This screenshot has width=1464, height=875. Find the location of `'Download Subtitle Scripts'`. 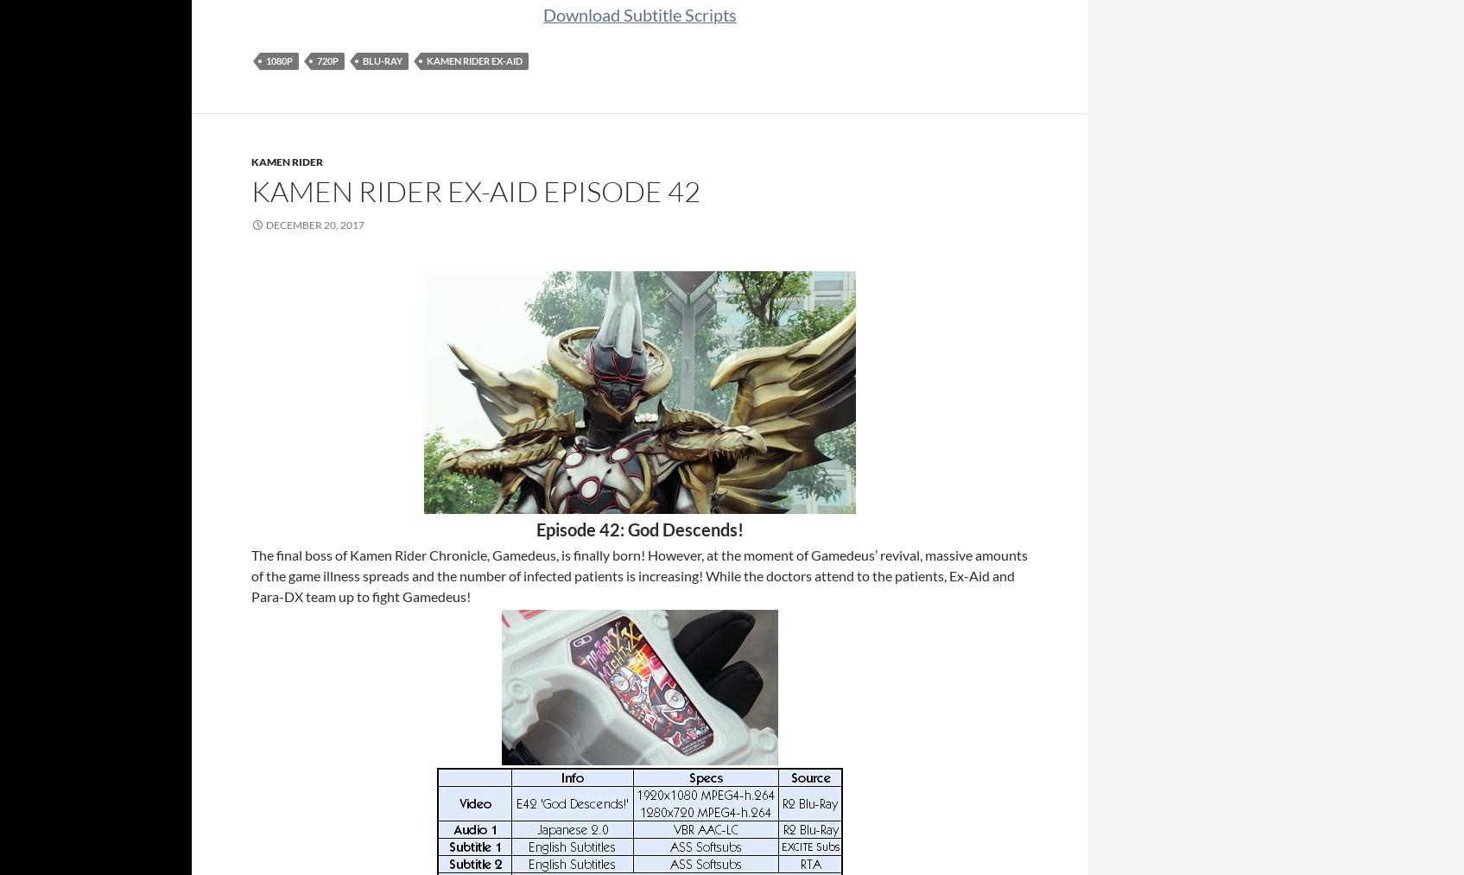

'Download Subtitle Scripts' is located at coordinates (639, 14).